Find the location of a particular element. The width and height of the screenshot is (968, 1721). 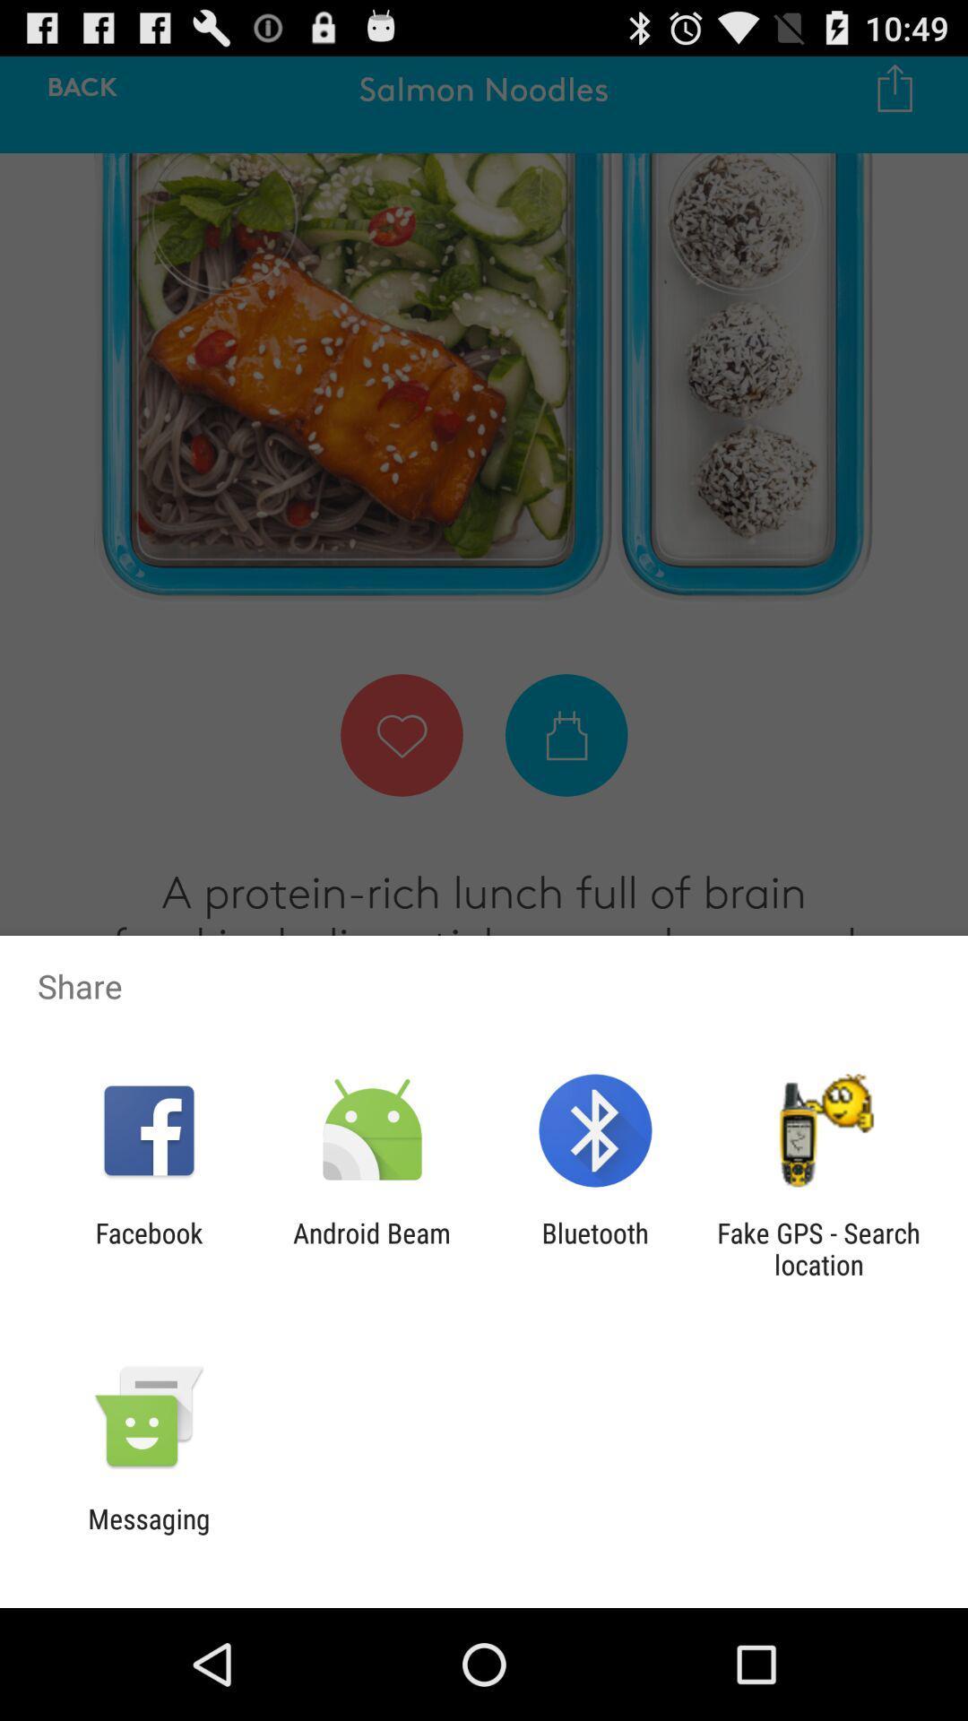

the facebook app is located at coordinates (148, 1248).